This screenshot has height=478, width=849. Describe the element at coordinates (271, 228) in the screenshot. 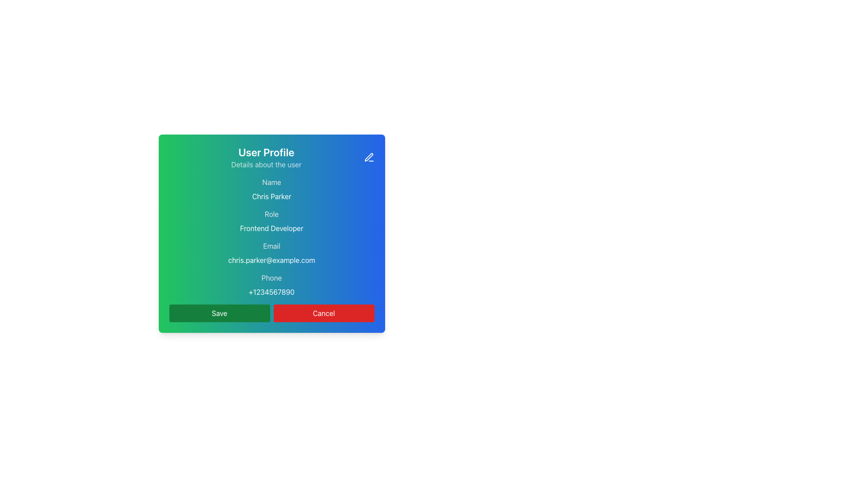

I see `the static text label displaying 'Frontend Developer', which is located directly below the 'Role' label in the user profile section` at that location.